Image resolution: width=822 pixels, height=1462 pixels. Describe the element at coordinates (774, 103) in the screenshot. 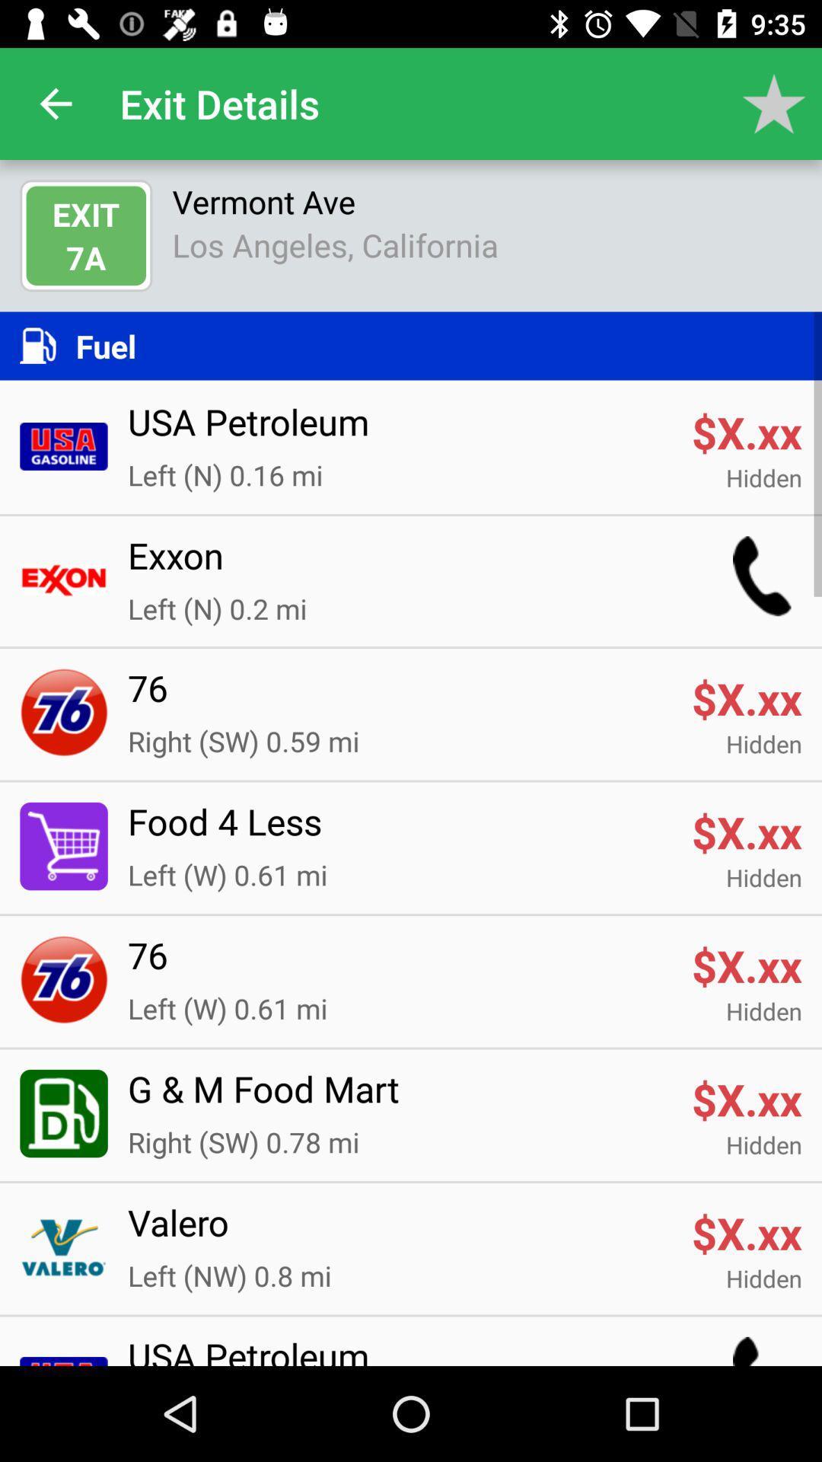

I see `app next to exit details app` at that location.